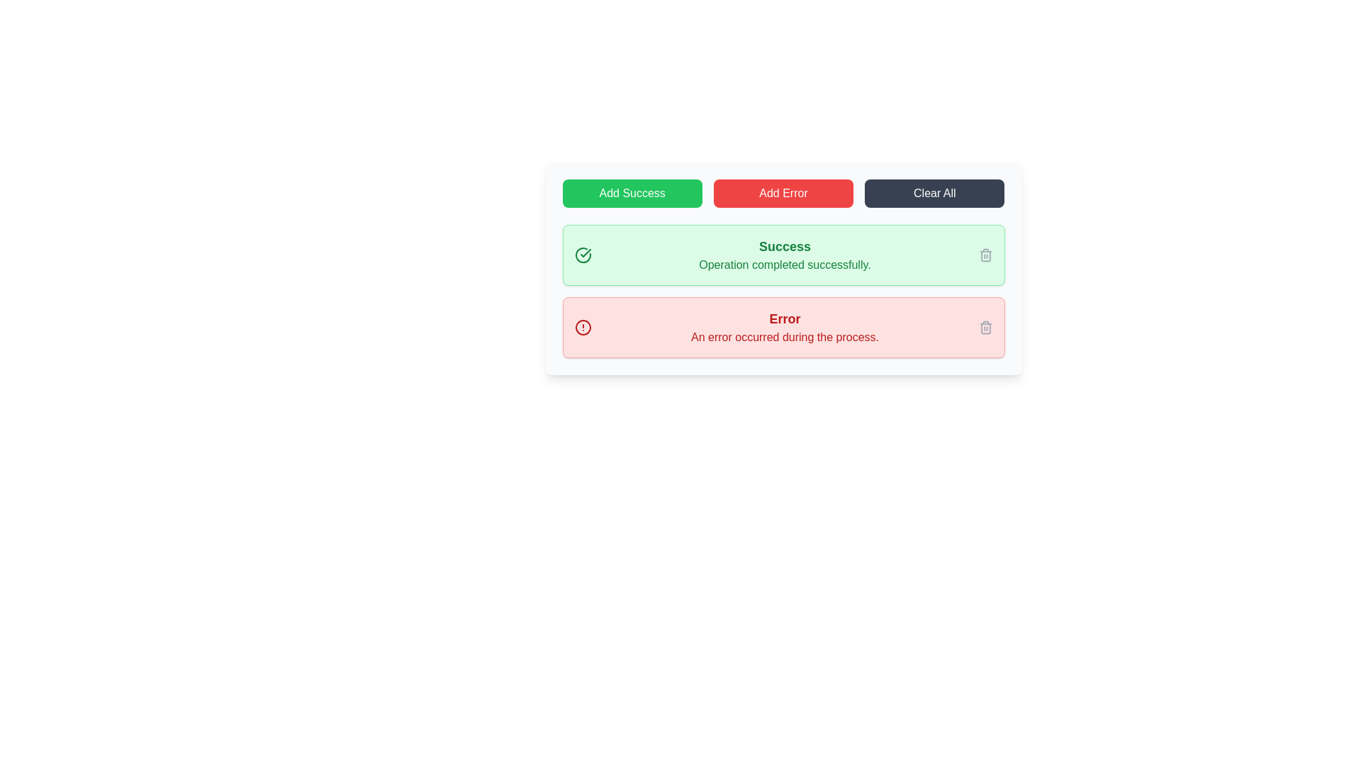 This screenshot has height=766, width=1361. What do you see at coordinates (934, 194) in the screenshot?
I see `the 'Clear All' button, which is the rightmost button in a group of three horizontally aligned buttons` at bounding box center [934, 194].